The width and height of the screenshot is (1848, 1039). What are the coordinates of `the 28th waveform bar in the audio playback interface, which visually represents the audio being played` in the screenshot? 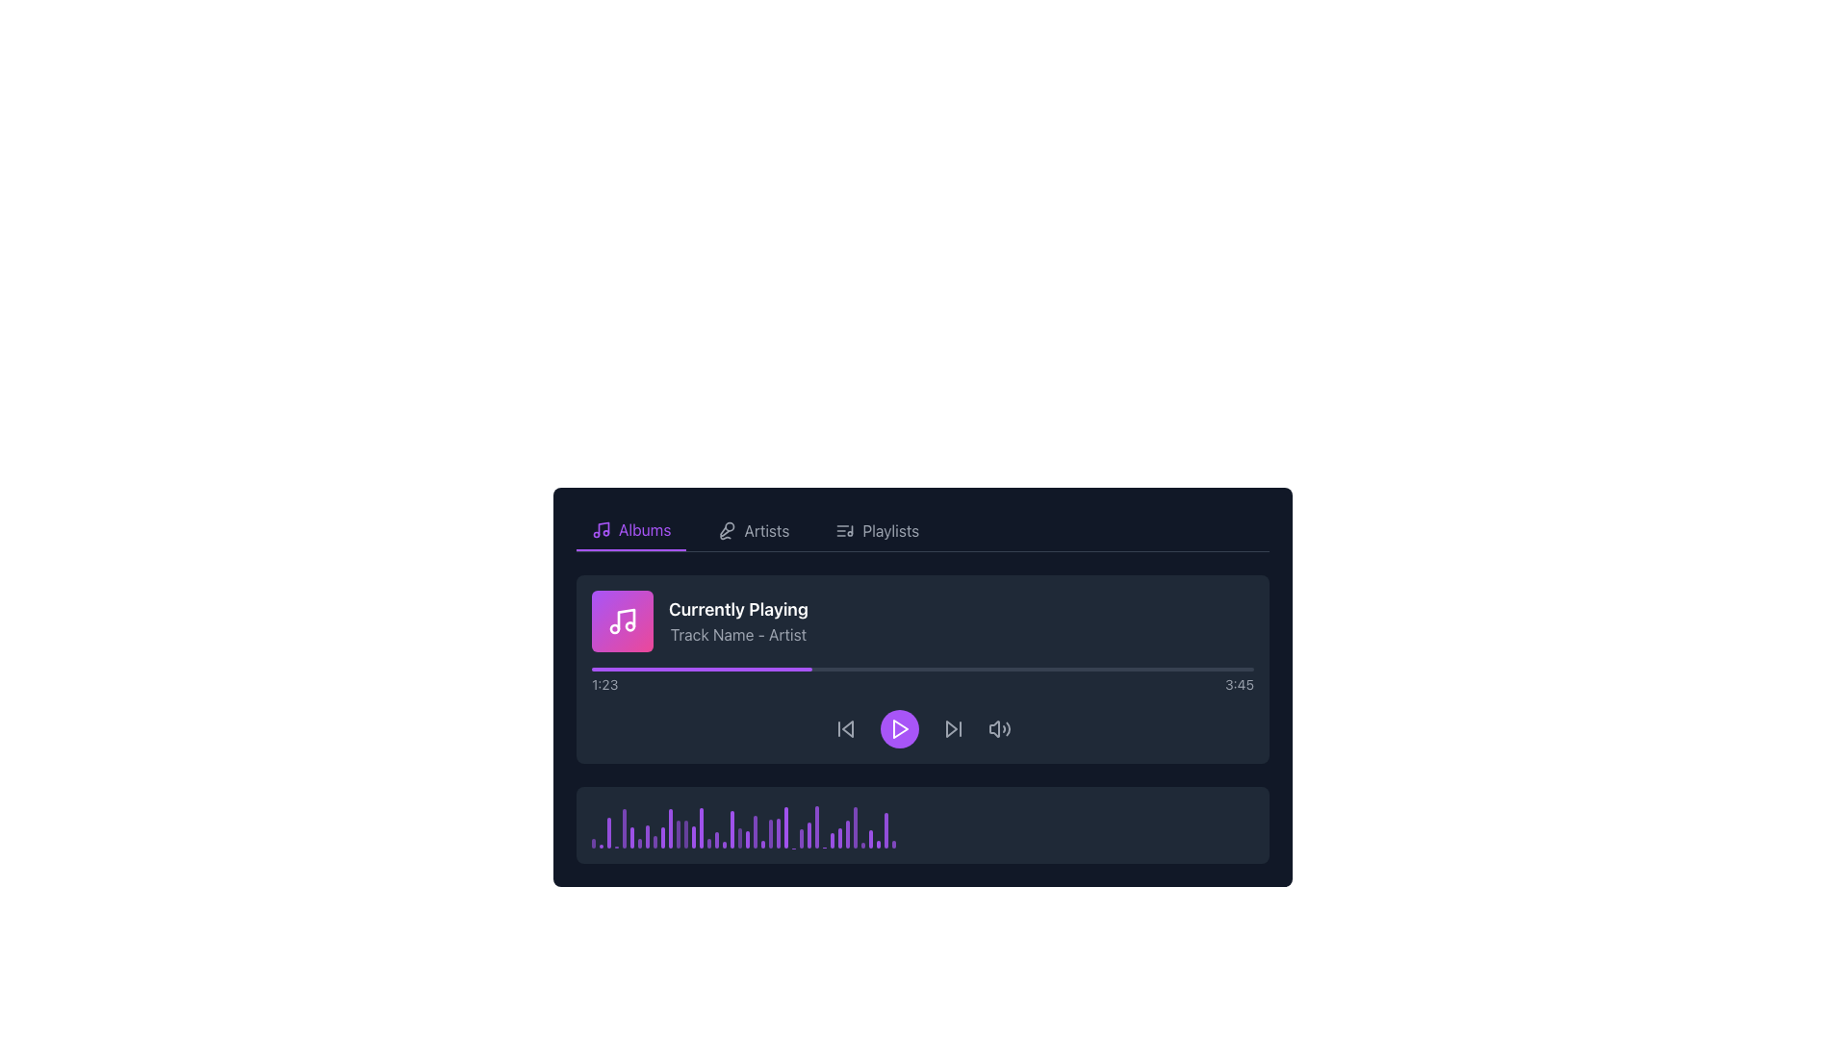 It's located at (802, 837).